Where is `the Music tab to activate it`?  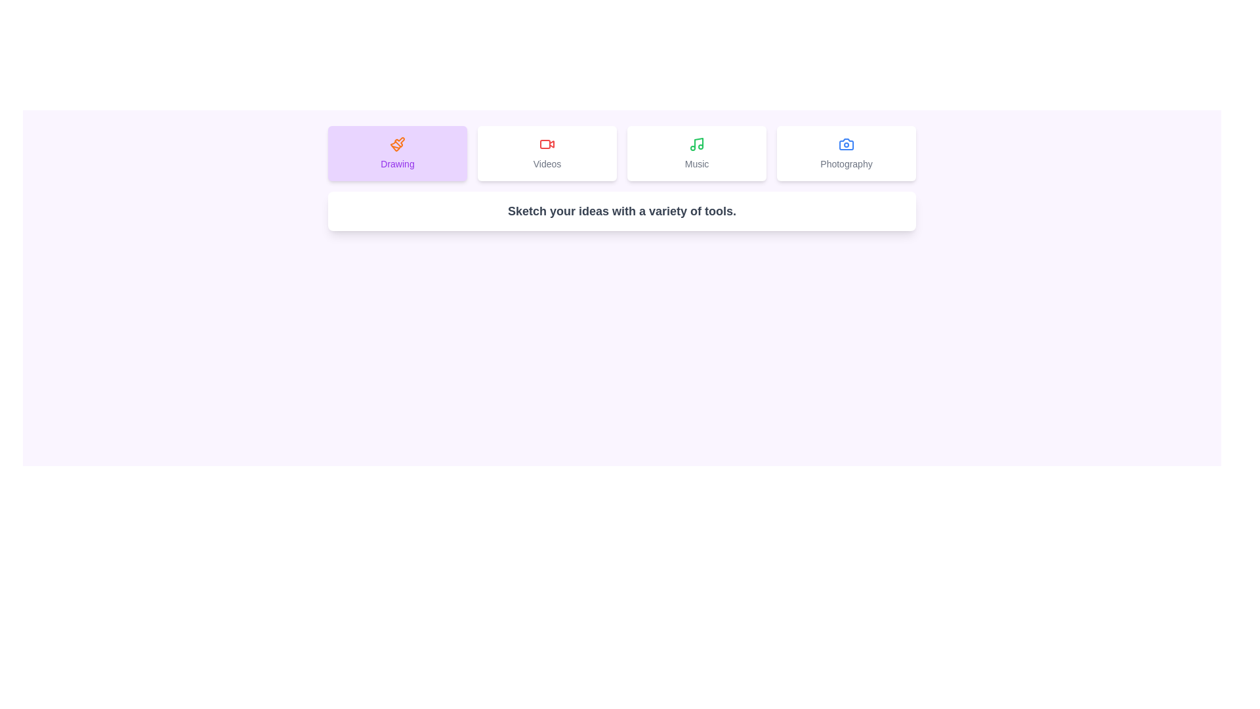 the Music tab to activate it is located at coordinates (696, 153).